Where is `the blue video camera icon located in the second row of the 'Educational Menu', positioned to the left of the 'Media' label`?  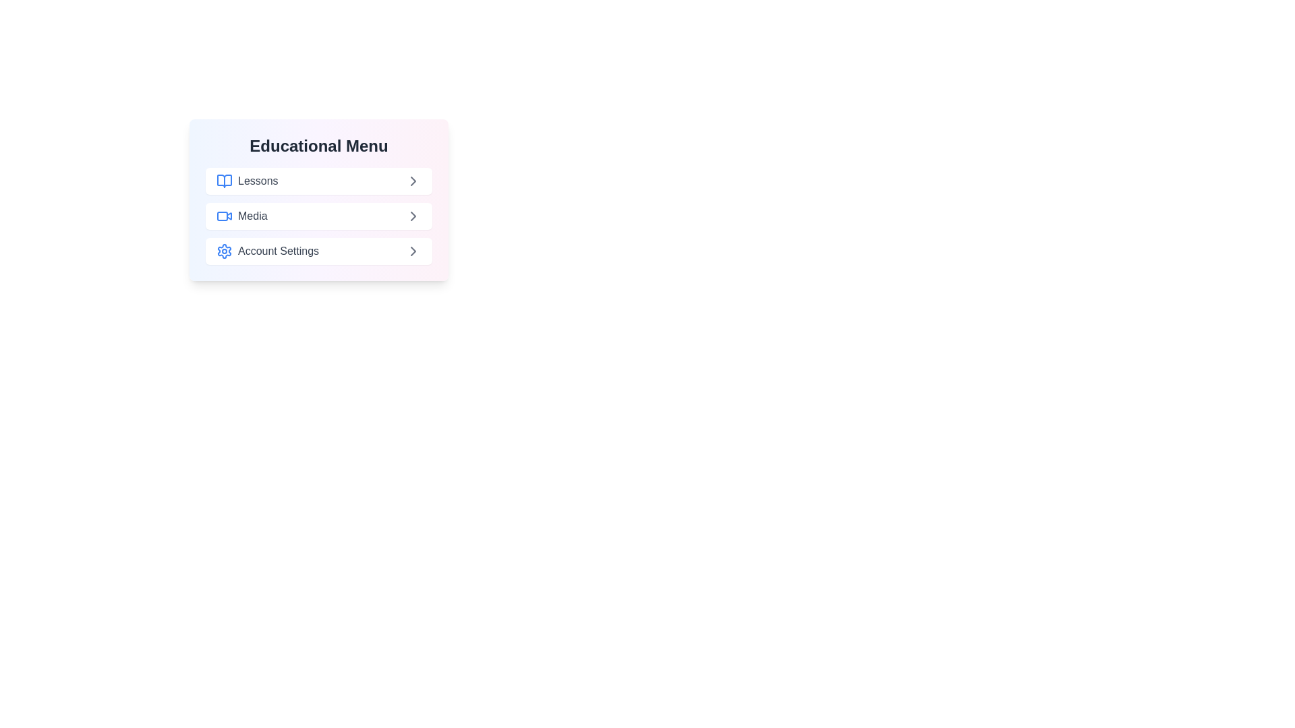 the blue video camera icon located in the second row of the 'Educational Menu', positioned to the left of the 'Media' label is located at coordinates (224, 215).